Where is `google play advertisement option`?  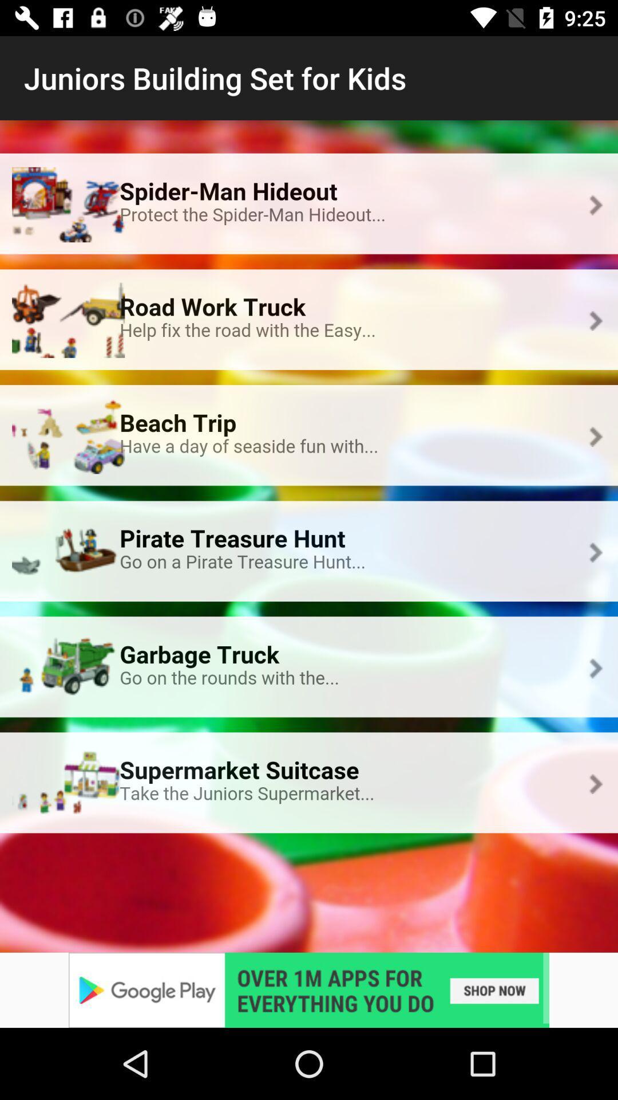 google play advertisement option is located at coordinates (309, 989).